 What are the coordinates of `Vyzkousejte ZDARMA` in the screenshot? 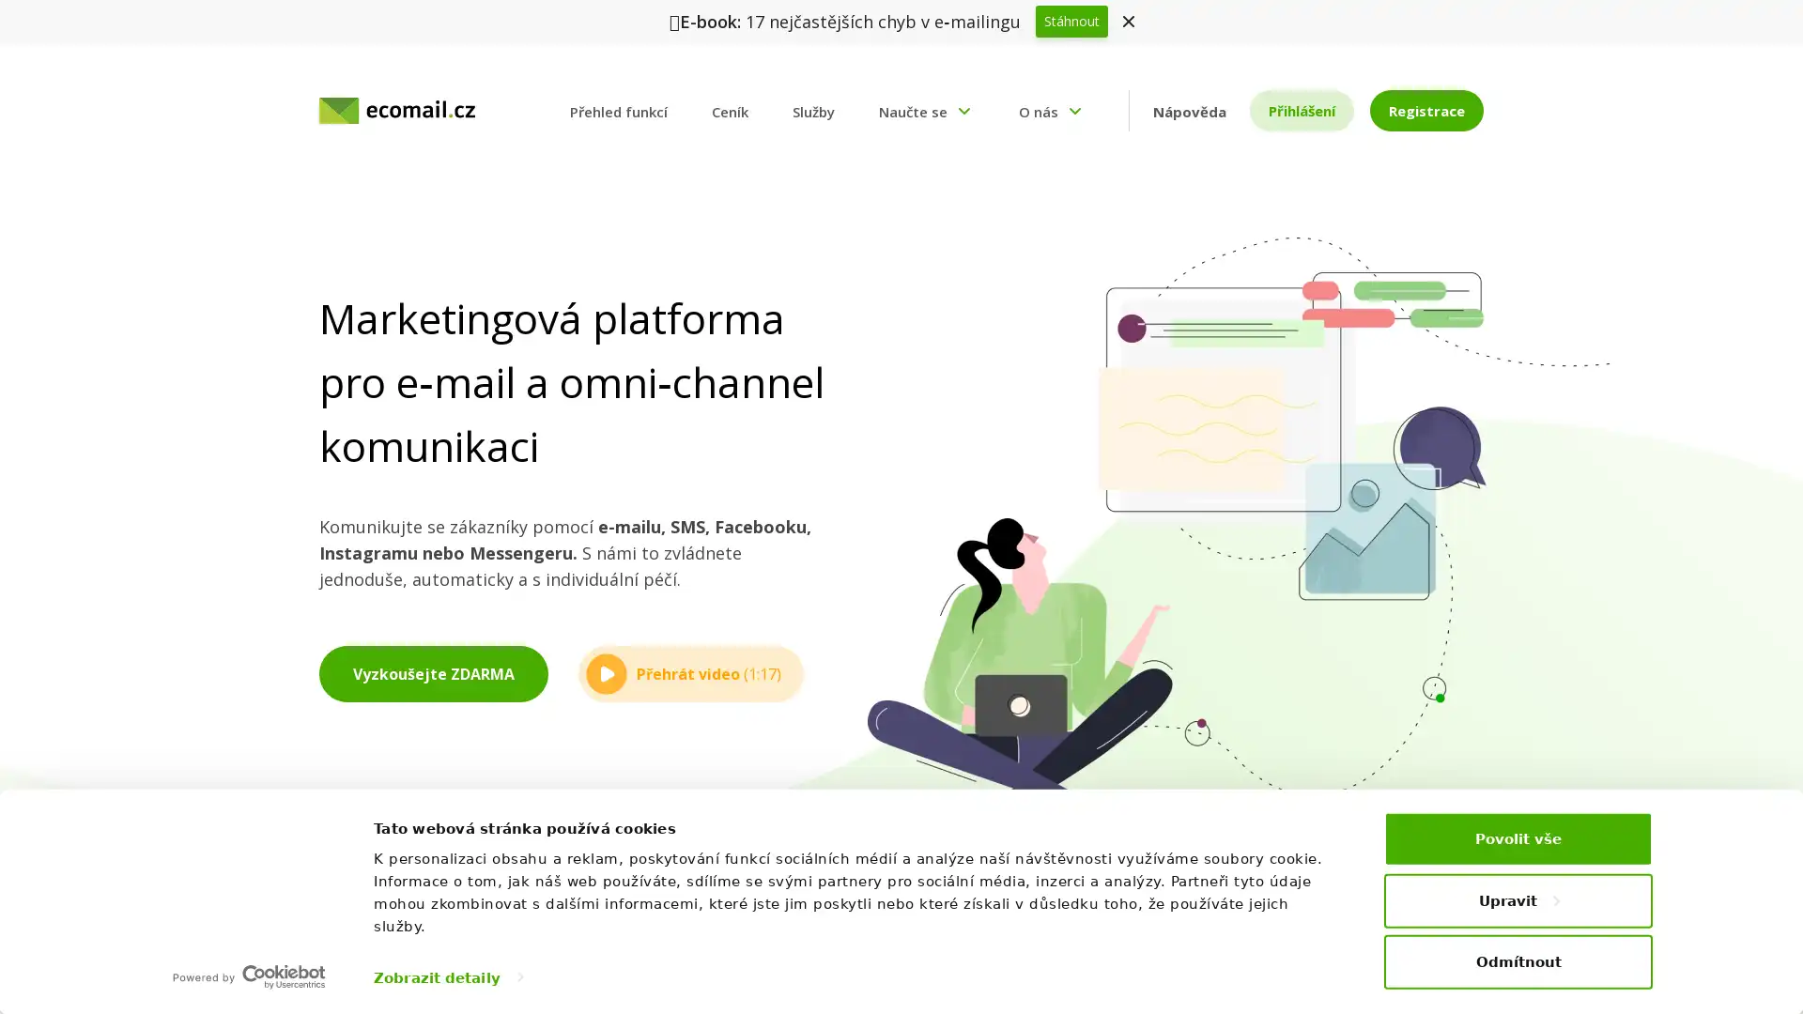 It's located at (432, 672).